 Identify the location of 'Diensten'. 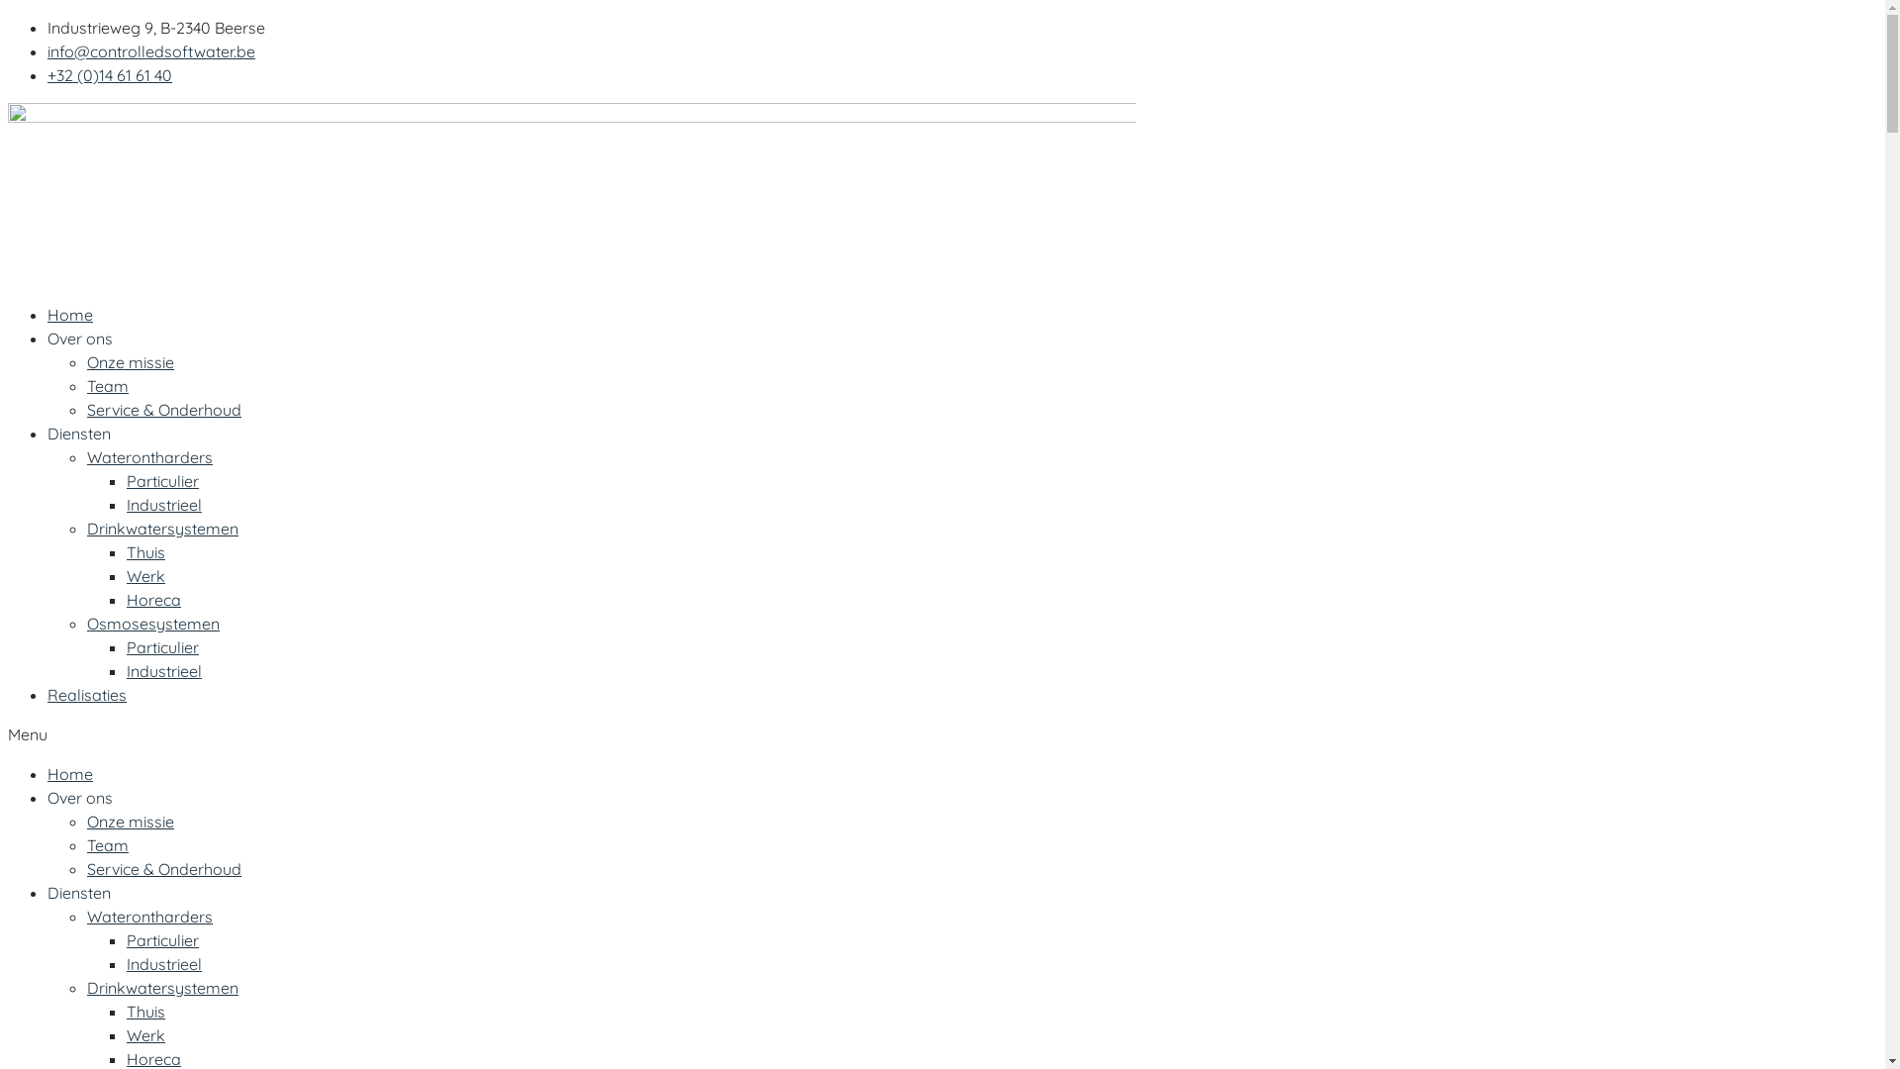
(79, 433).